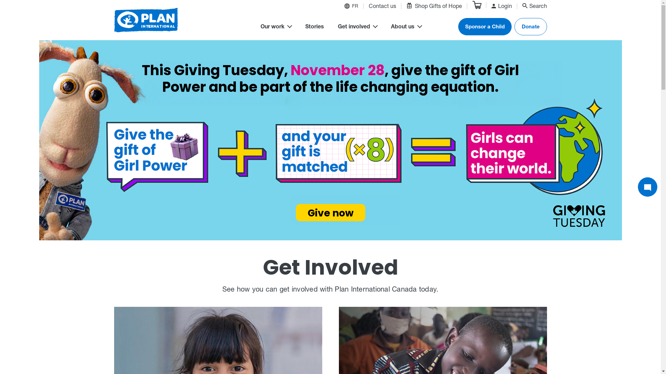  I want to click on 'About us', so click(406, 27).